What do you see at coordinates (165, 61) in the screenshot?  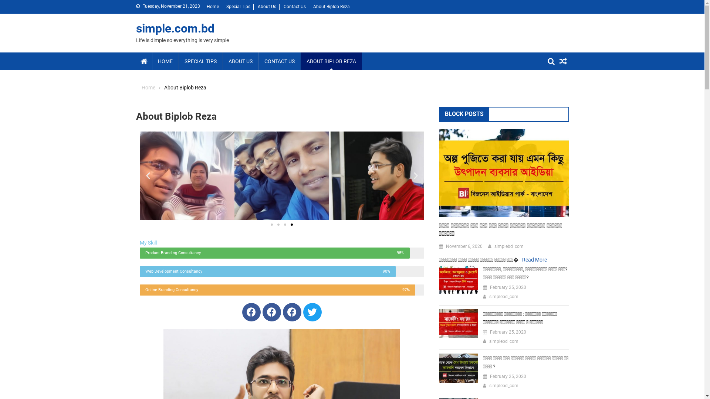 I see `'HOME'` at bounding box center [165, 61].